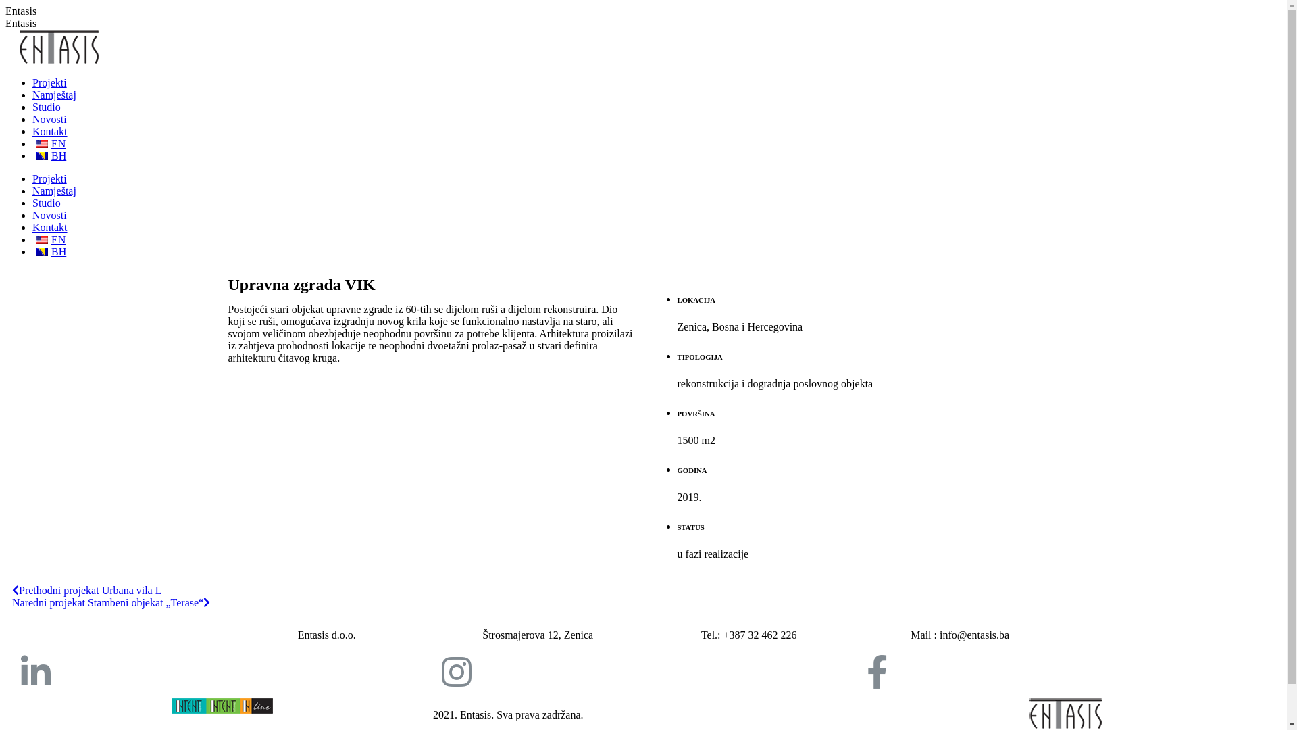 The image size is (1297, 730). What do you see at coordinates (42, 143) in the screenshot?
I see `'English'` at bounding box center [42, 143].